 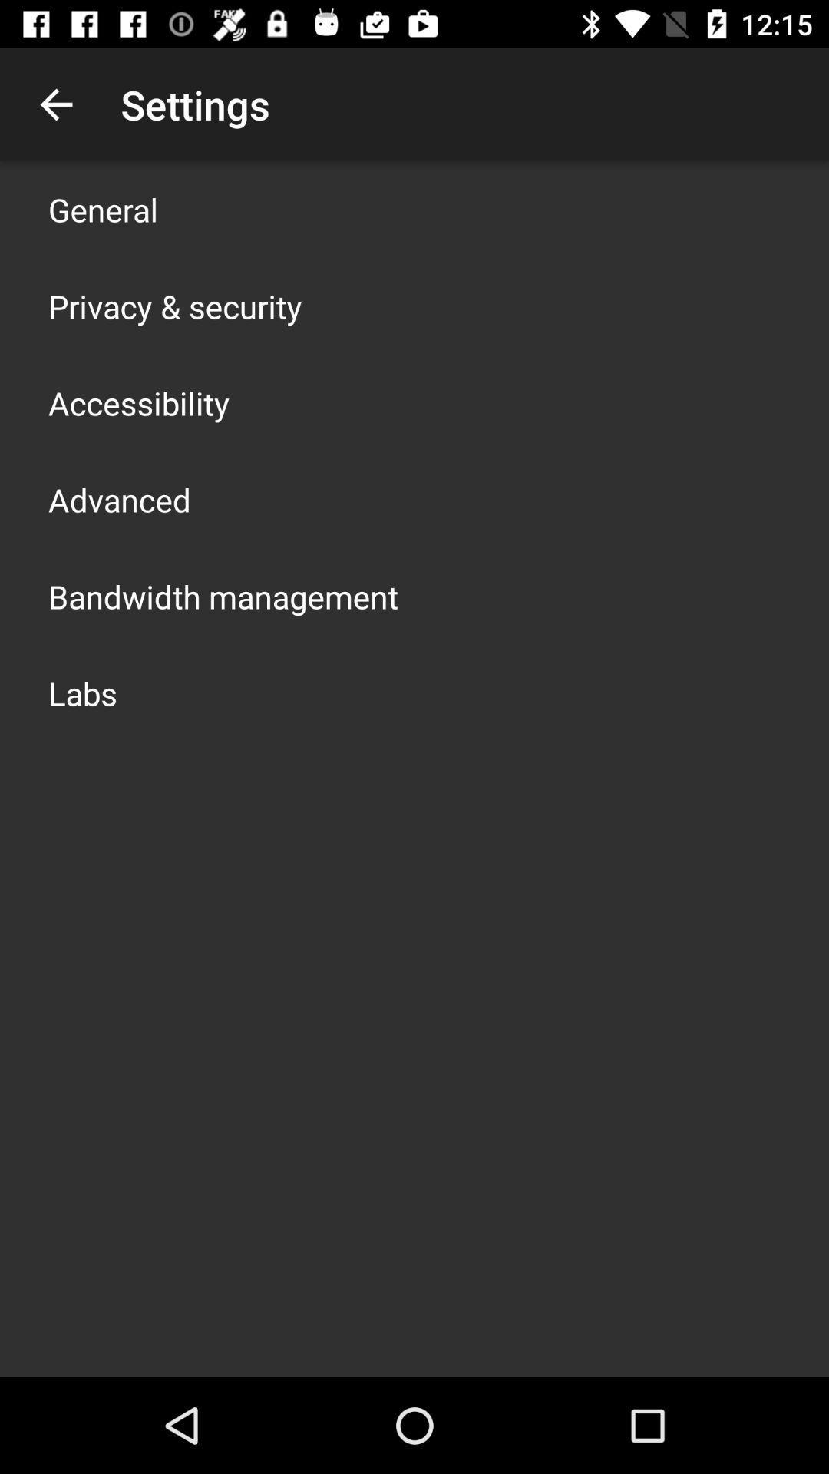 I want to click on the item above advanced icon, so click(x=139, y=402).